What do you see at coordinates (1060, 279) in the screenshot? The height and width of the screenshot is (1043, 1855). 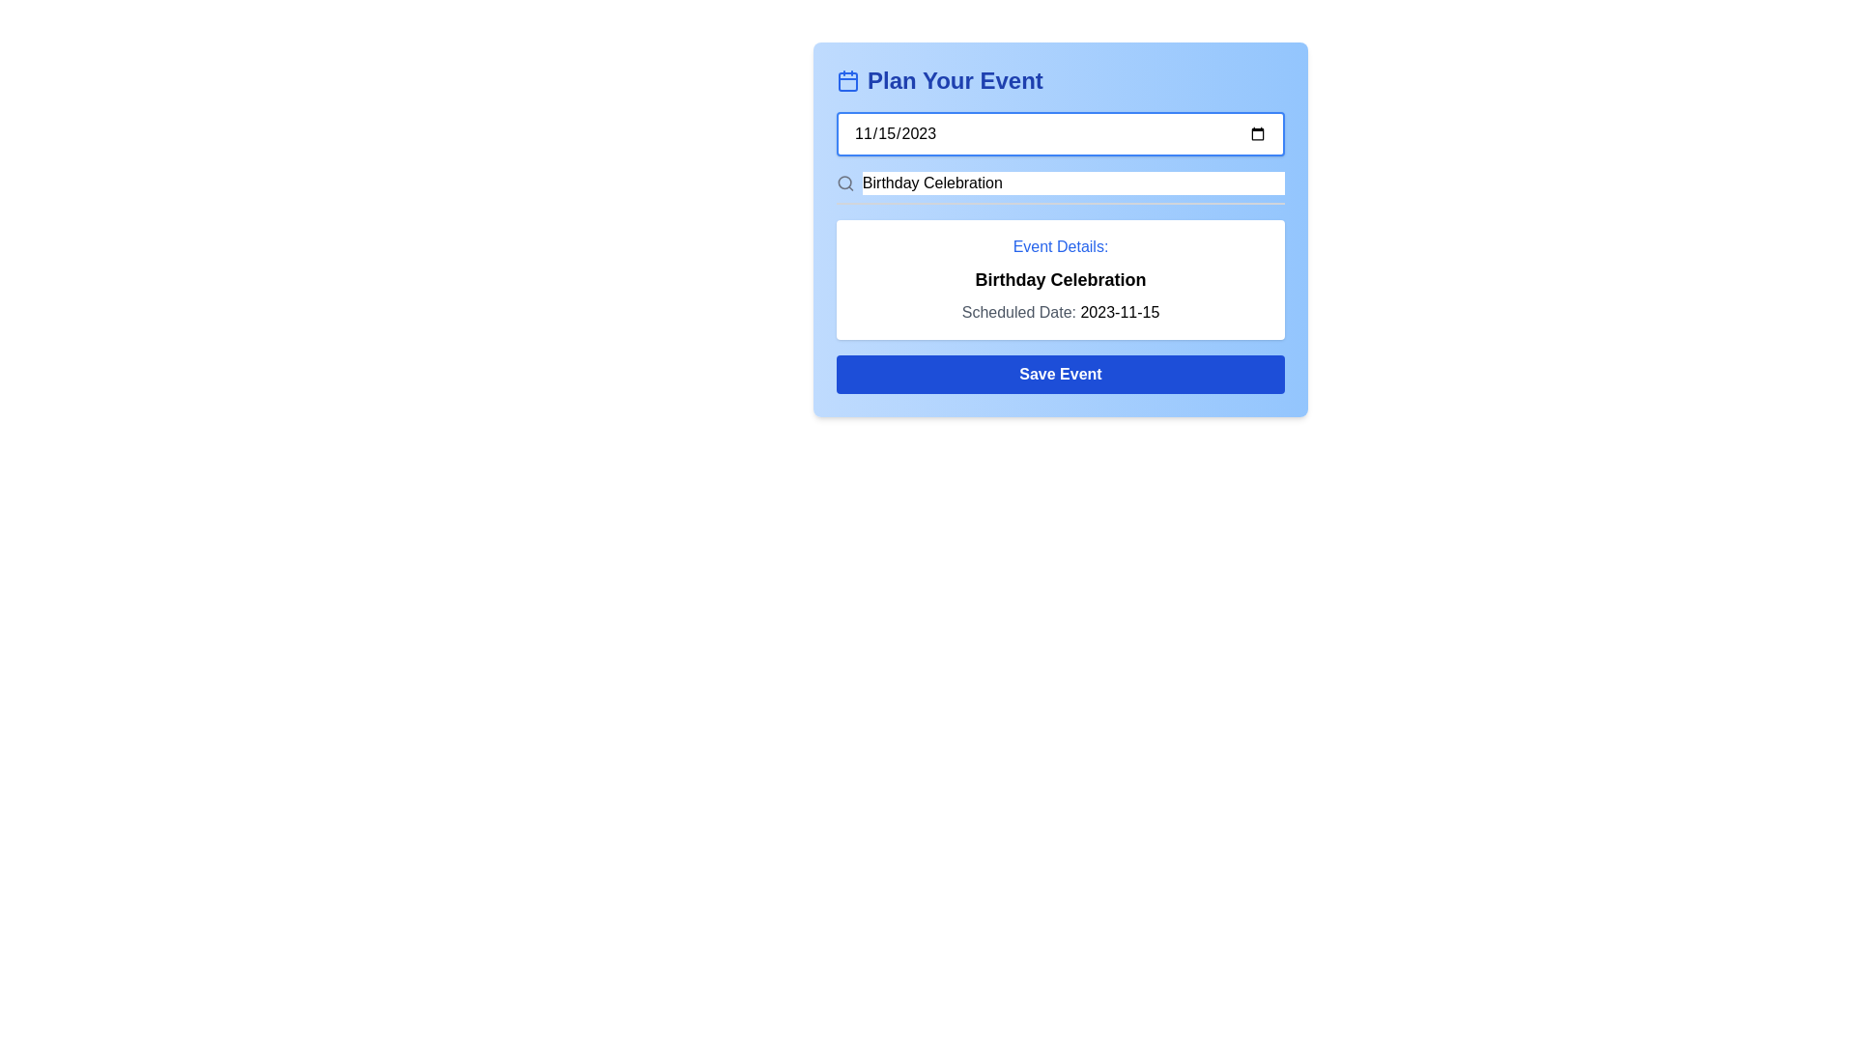 I see `the text label reading 'Birthday Celebration', which is styled prominently as a headline and is located below the 'Event Details:' heading` at bounding box center [1060, 279].